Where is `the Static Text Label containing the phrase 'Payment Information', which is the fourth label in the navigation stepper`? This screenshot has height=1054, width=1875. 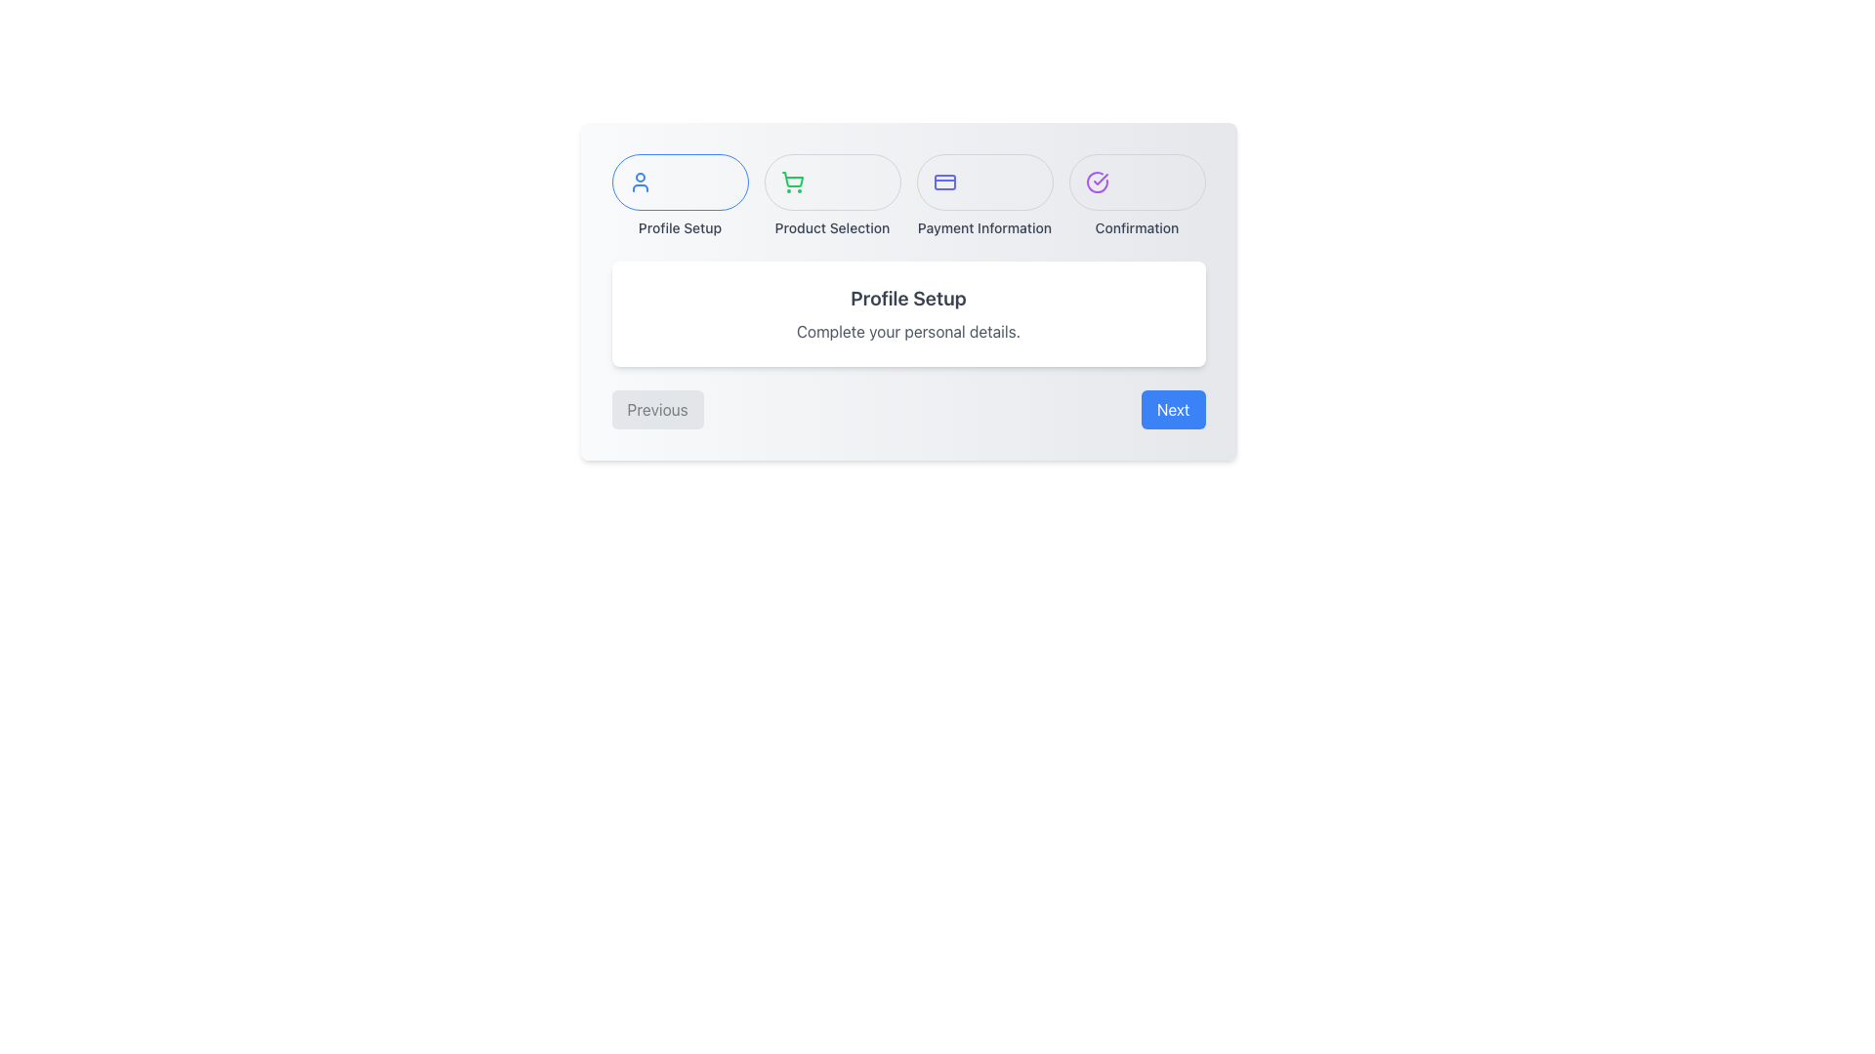
the Static Text Label containing the phrase 'Payment Information', which is the fourth label in the navigation stepper is located at coordinates (984, 227).